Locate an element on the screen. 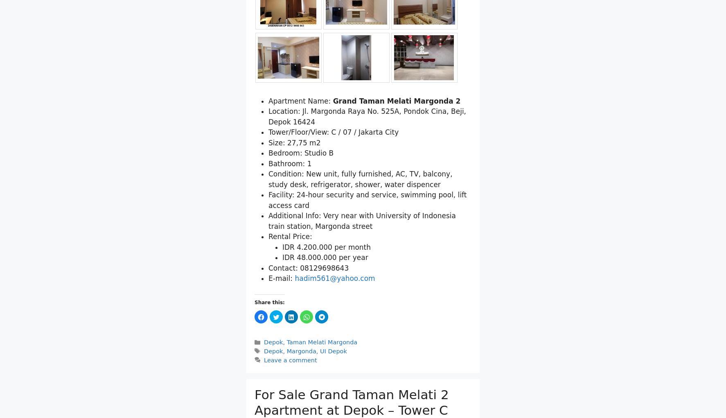 The width and height of the screenshot is (726, 418). 'Facility: 24-hour security and service, swimming pool, lift access card' is located at coordinates (367, 199).